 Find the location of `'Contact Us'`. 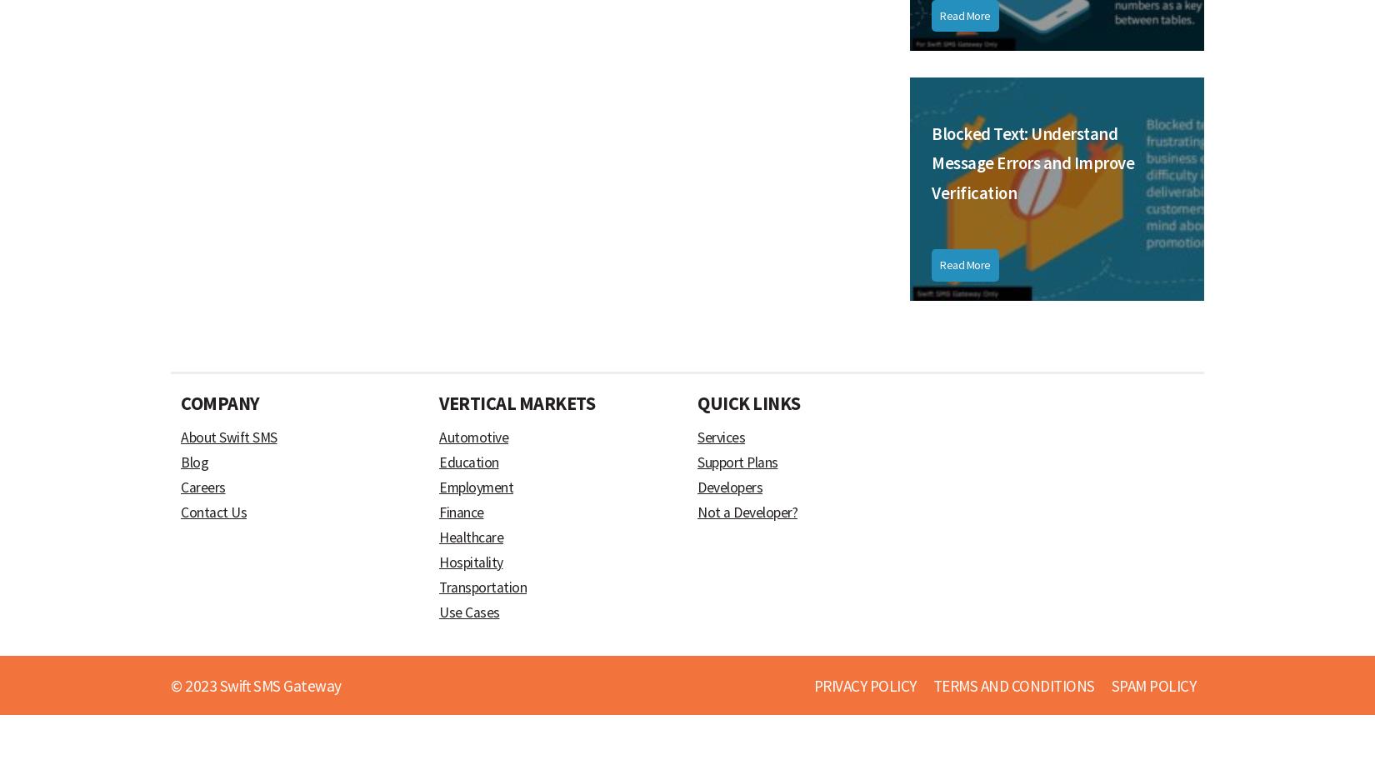

'Contact Us' is located at coordinates (213, 512).